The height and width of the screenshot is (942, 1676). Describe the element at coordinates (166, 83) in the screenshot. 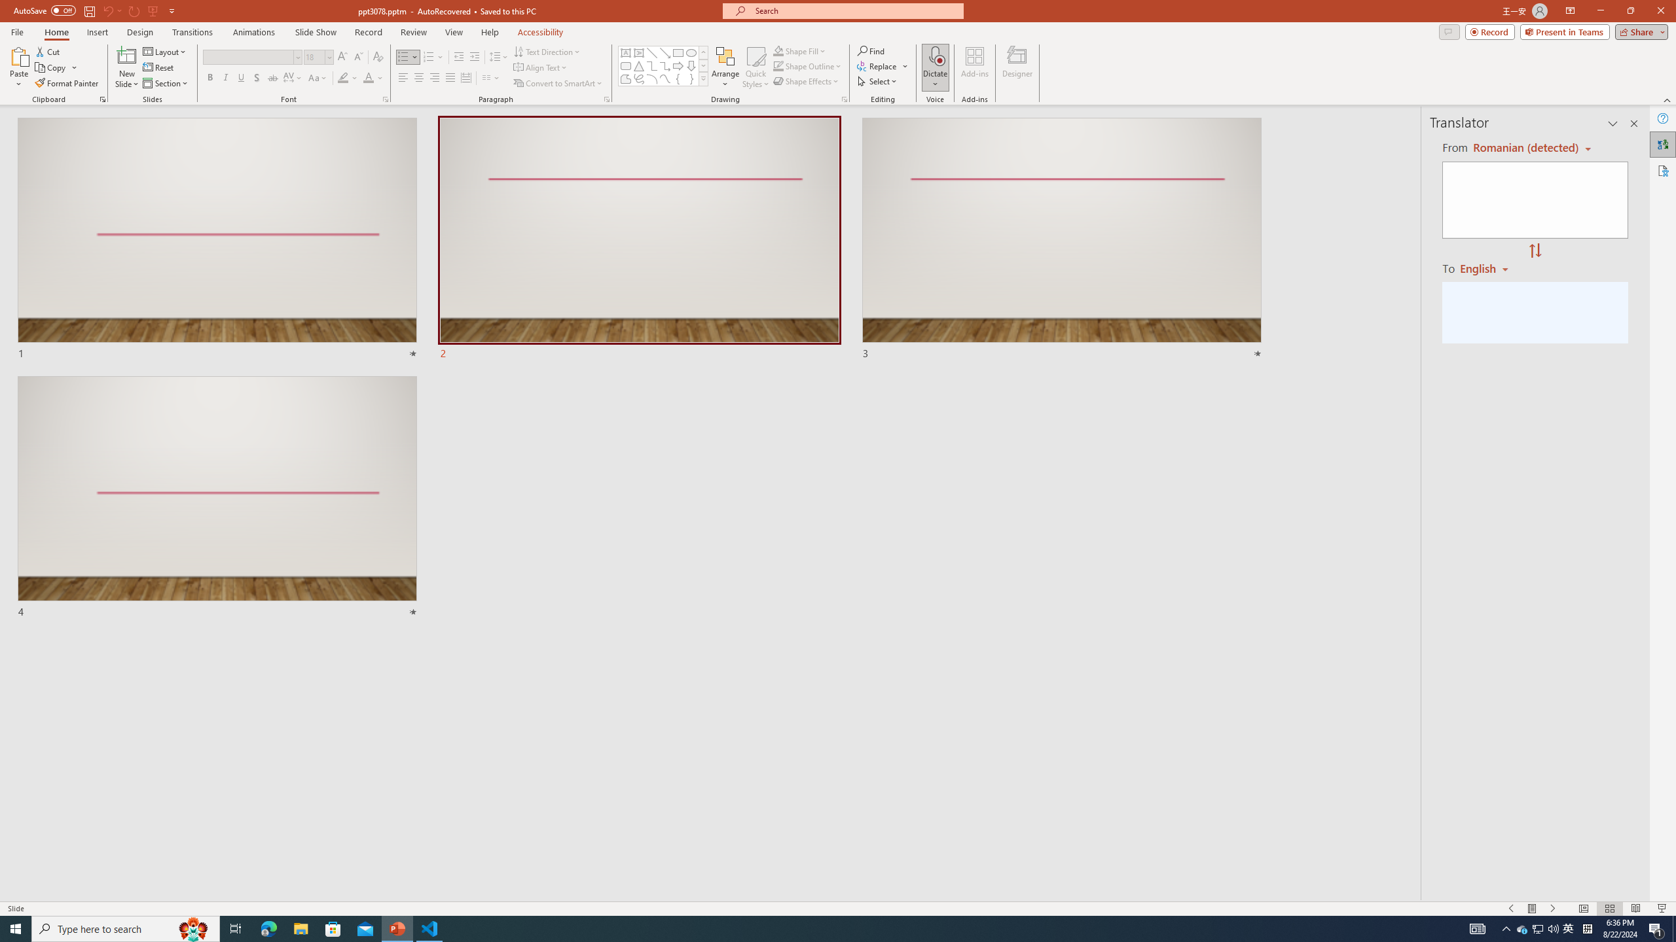

I see `'Section'` at that location.